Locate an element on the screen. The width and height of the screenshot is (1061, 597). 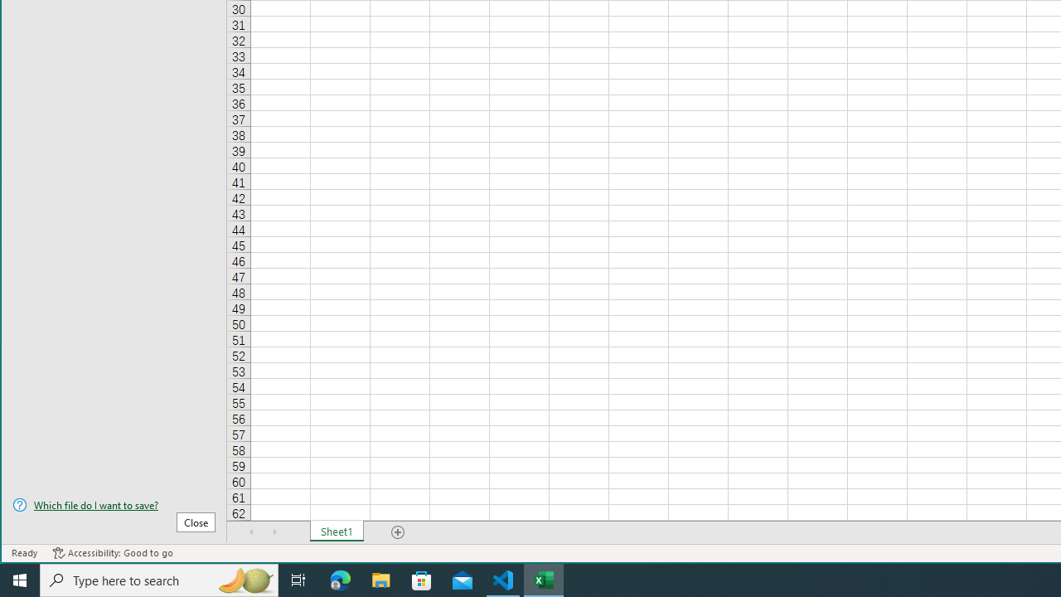
'File Explorer' is located at coordinates (380, 579).